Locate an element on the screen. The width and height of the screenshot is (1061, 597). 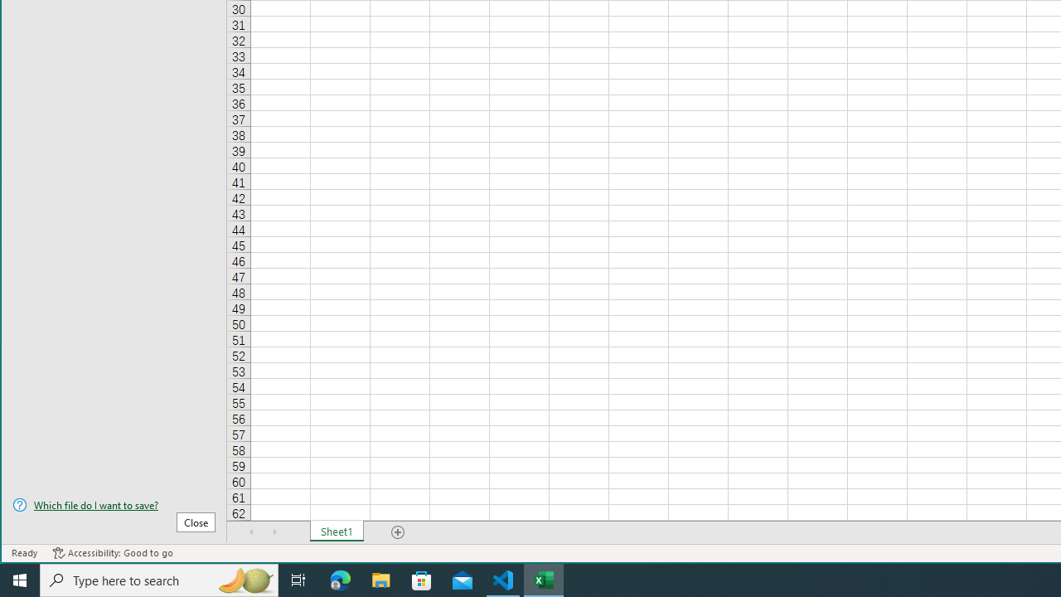
'File Explorer' is located at coordinates (380, 579).